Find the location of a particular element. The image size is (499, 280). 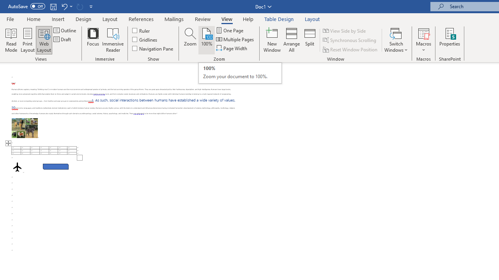

'One Page' is located at coordinates (230, 30).